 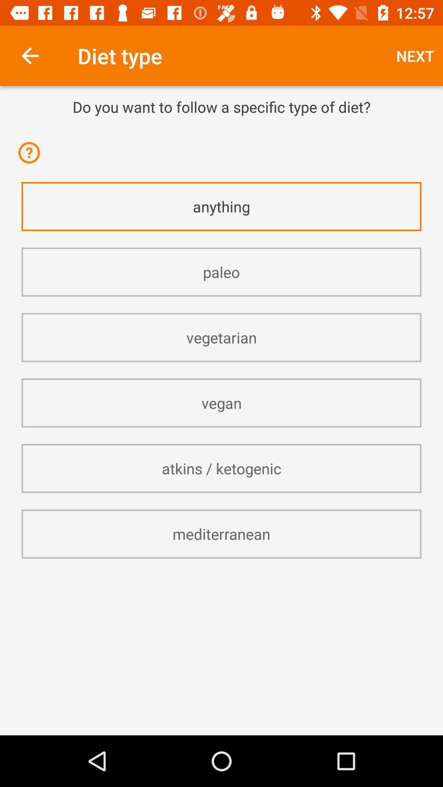 I want to click on item above the do you want item, so click(x=30, y=55).